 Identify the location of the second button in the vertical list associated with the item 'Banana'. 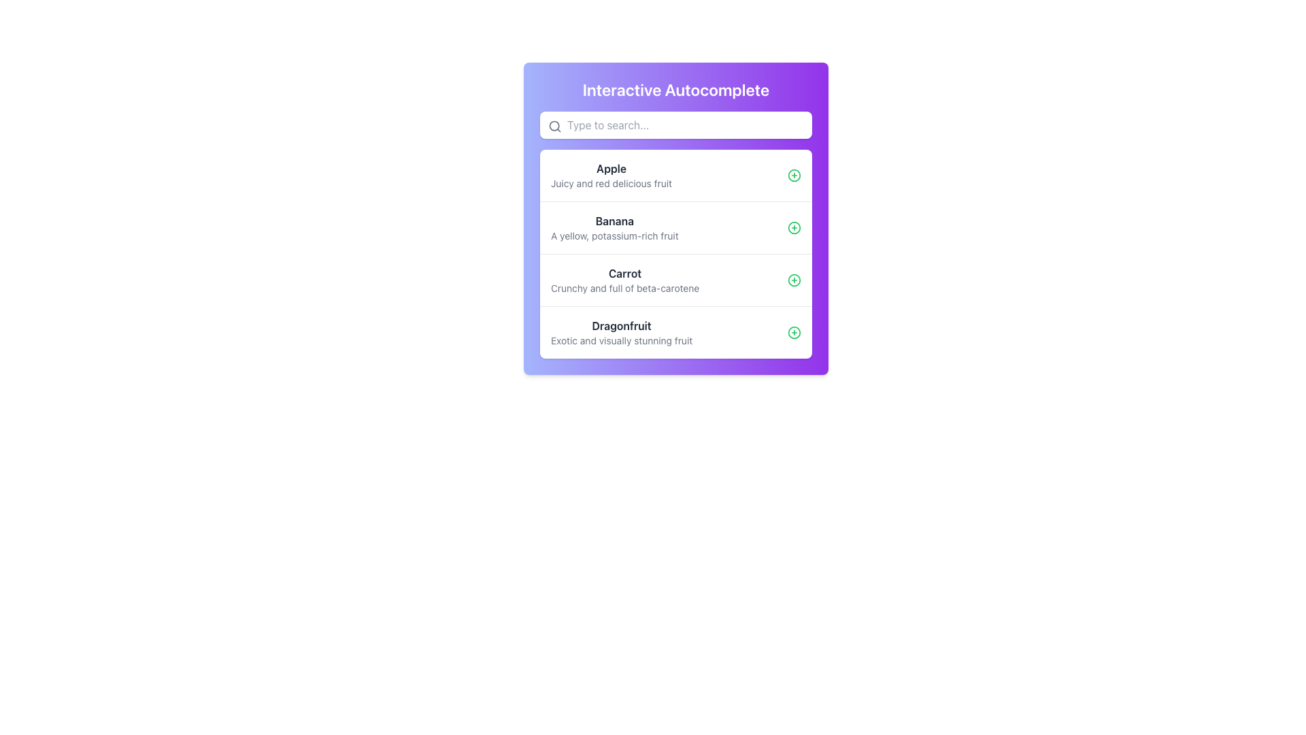
(794, 227).